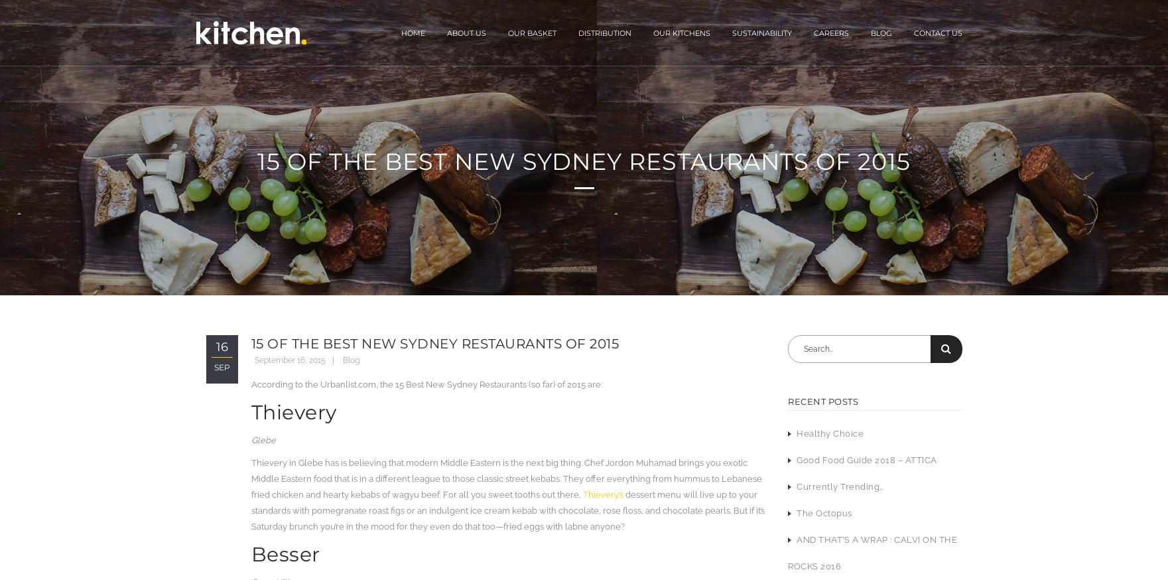 This screenshot has height=580, width=1168. Describe the element at coordinates (822, 400) in the screenshot. I see `'Recent Posts'` at that location.